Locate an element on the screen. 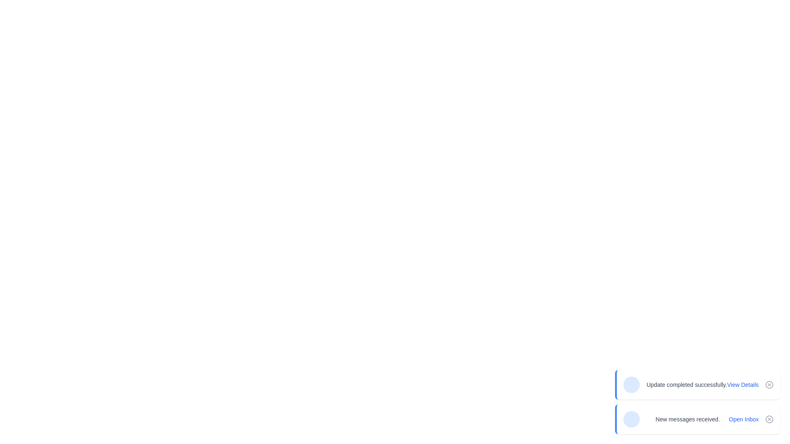  the action link associated with New messages received to perform the action is located at coordinates (744, 419).